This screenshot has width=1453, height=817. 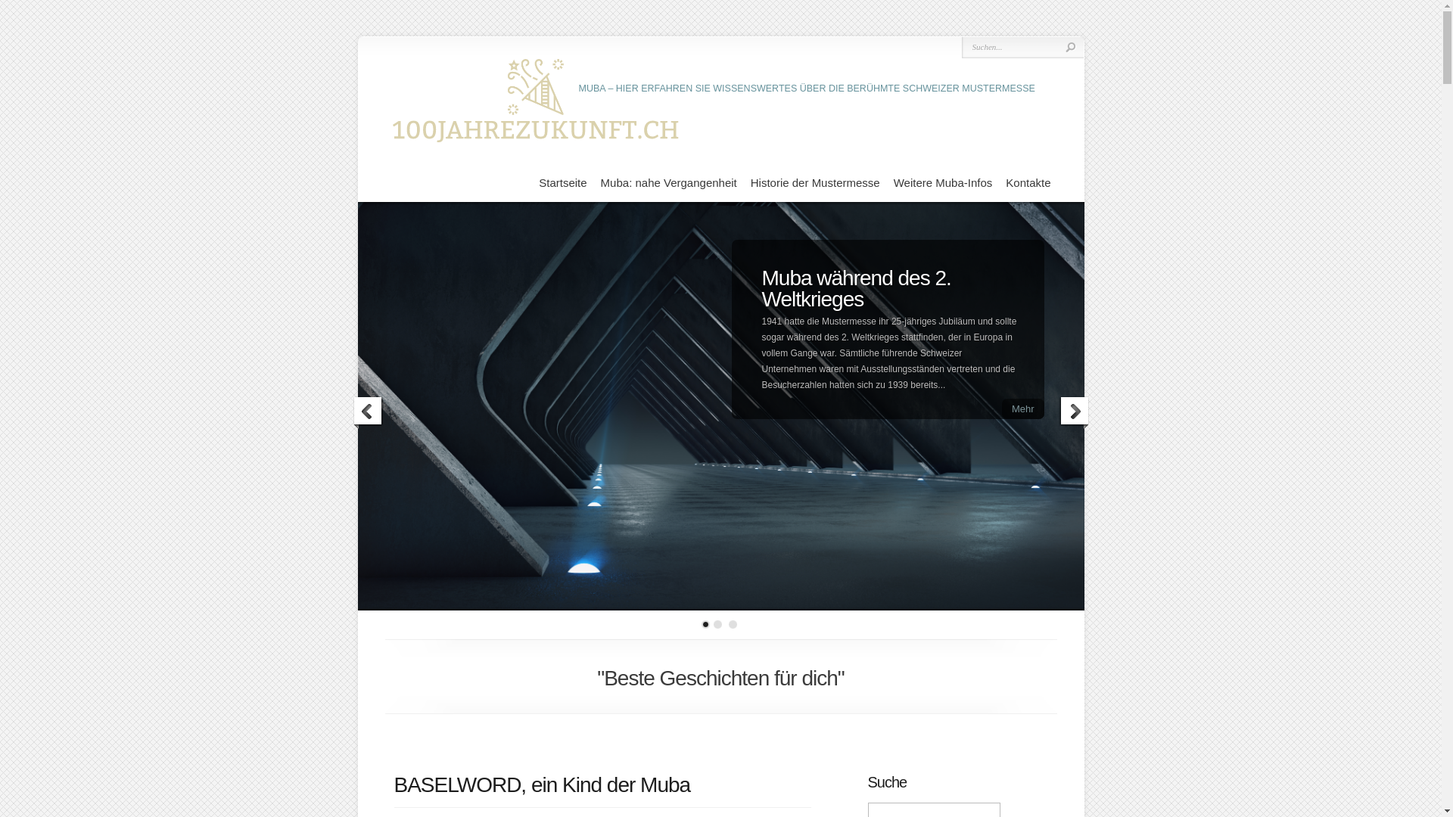 What do you see at coordinates (733, 624) in the screenshot?
I see `'3'` at bounding box center [733, 624].